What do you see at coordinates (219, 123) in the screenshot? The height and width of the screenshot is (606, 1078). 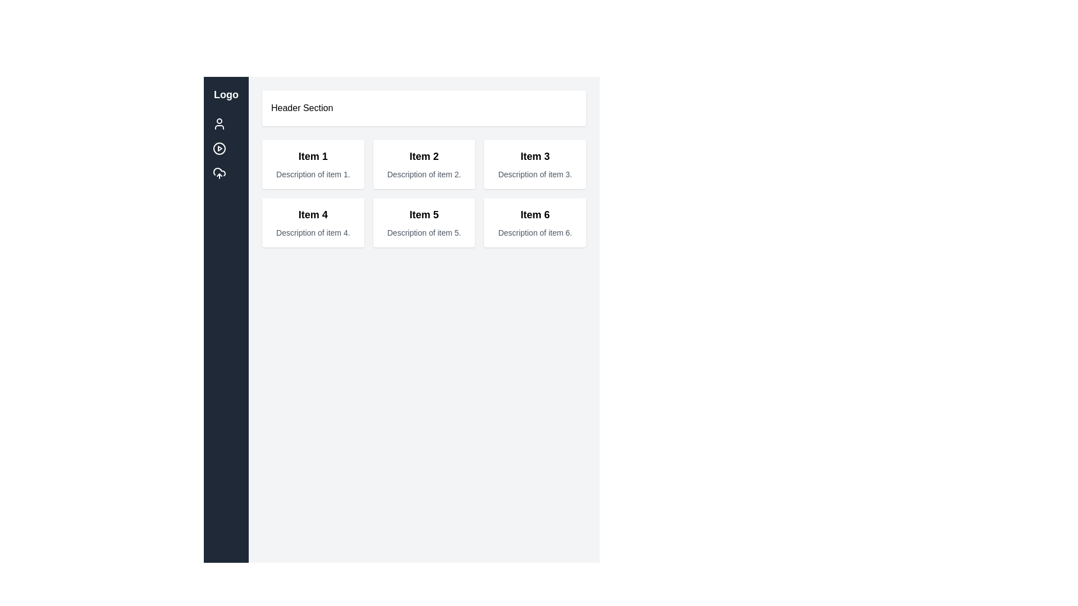 I see `the user icon, which is a circular head shape with a white stroke against a dark blue background, located as the first icon in the vertical stack under the 'Logo' section in the sidebar` at bounding box center [219, 123].